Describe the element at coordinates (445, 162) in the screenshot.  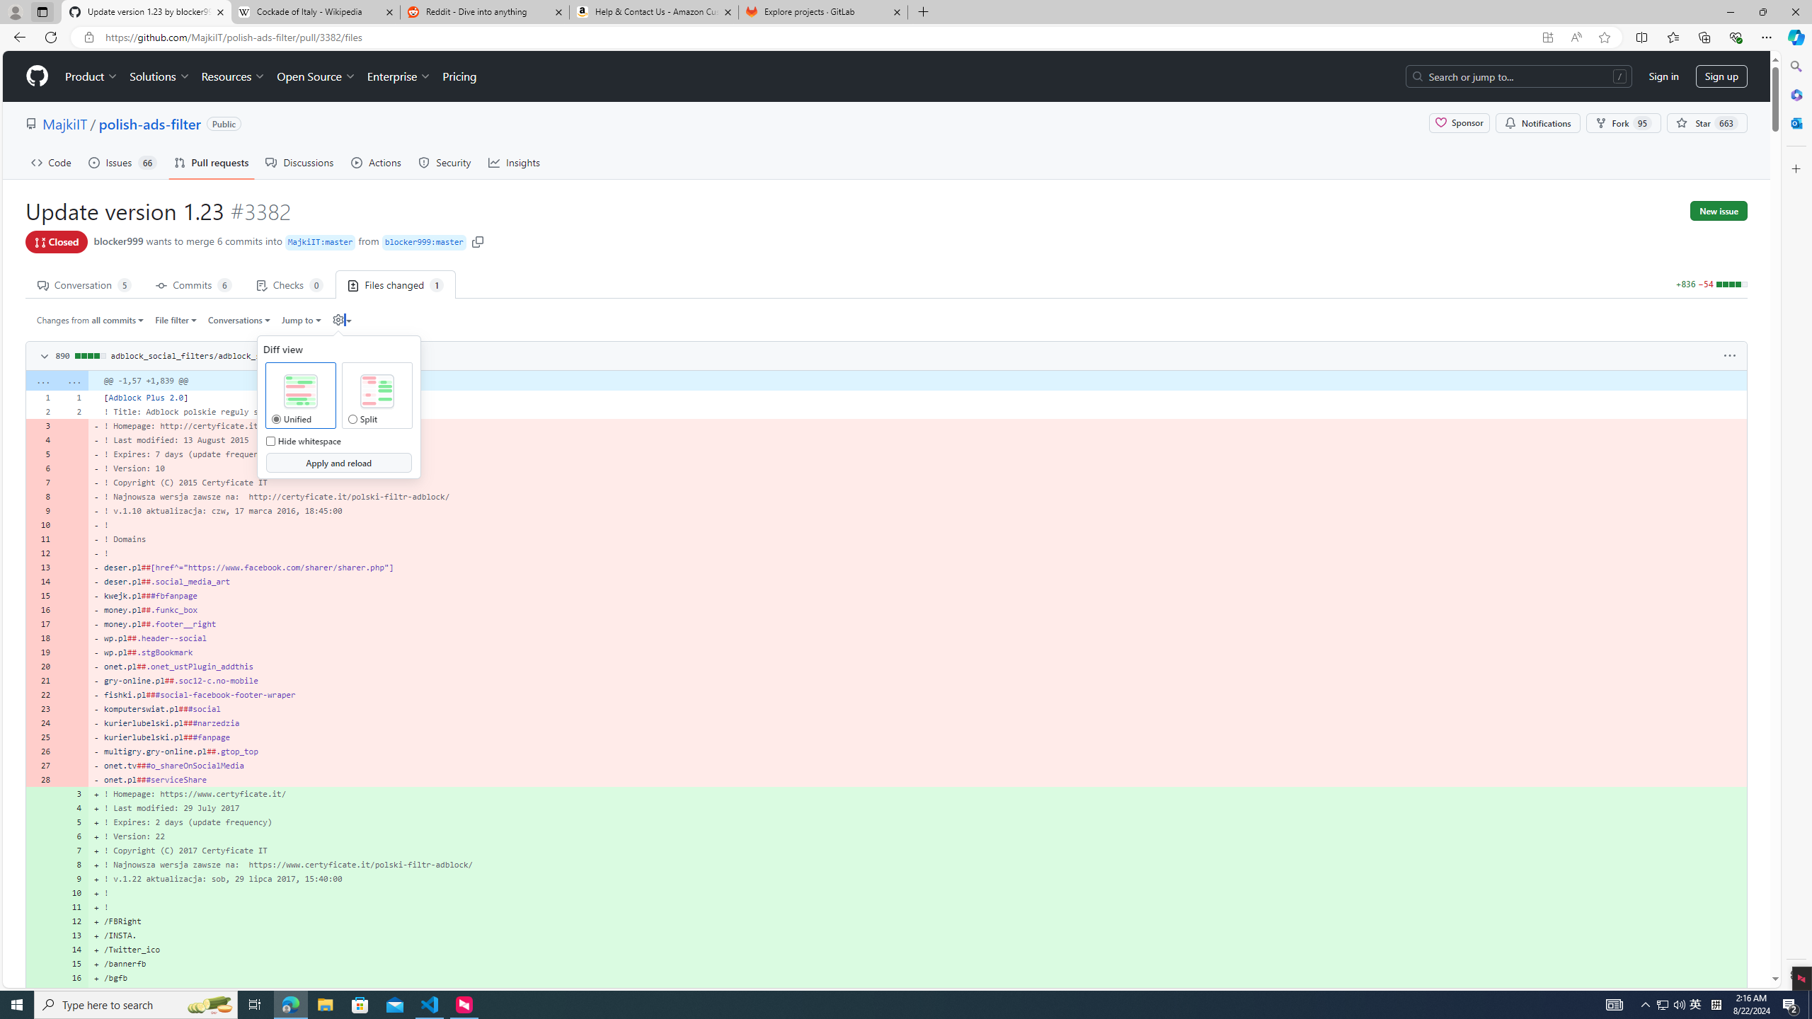
I see `'Security'` at that location.